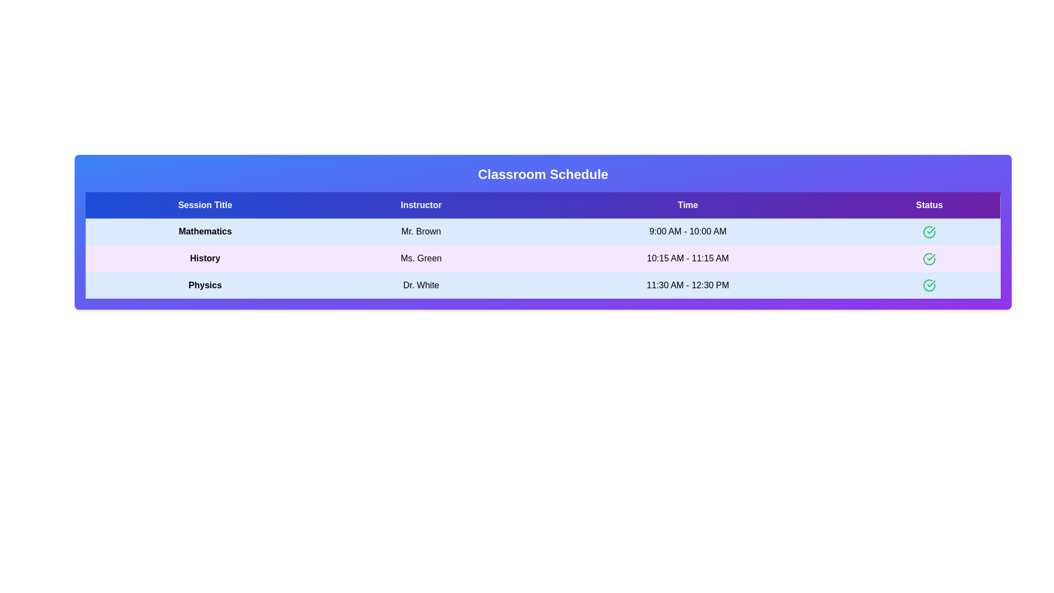 Image resolution: width=1054 pixels, height=593 pixels. What do you see at coordinates (421, 231) in the screenshot?
I see `the text element Mr. Brown to select or copy its content` at bounding box center [421, 231].